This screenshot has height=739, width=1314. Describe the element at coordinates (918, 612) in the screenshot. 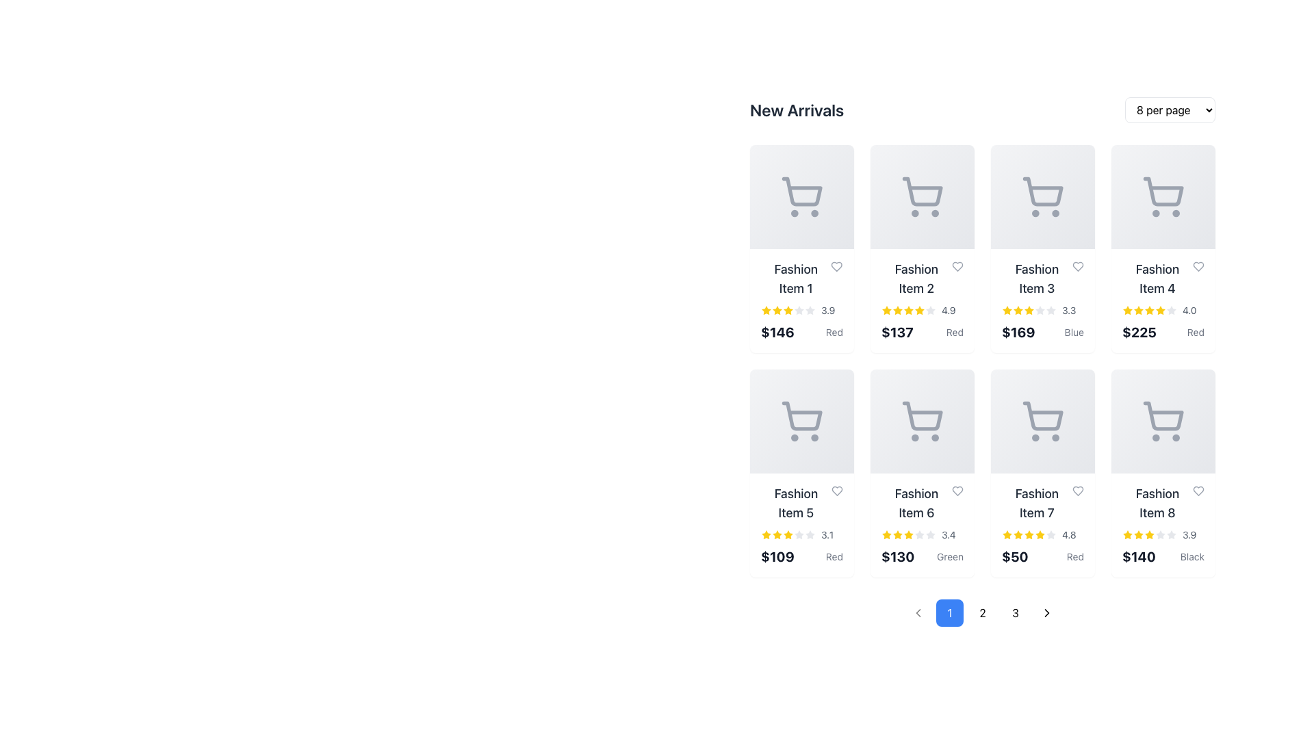

I see `the circular left arrow button with a gray background and a Chevron pointing left to attempt navigation` at that location.